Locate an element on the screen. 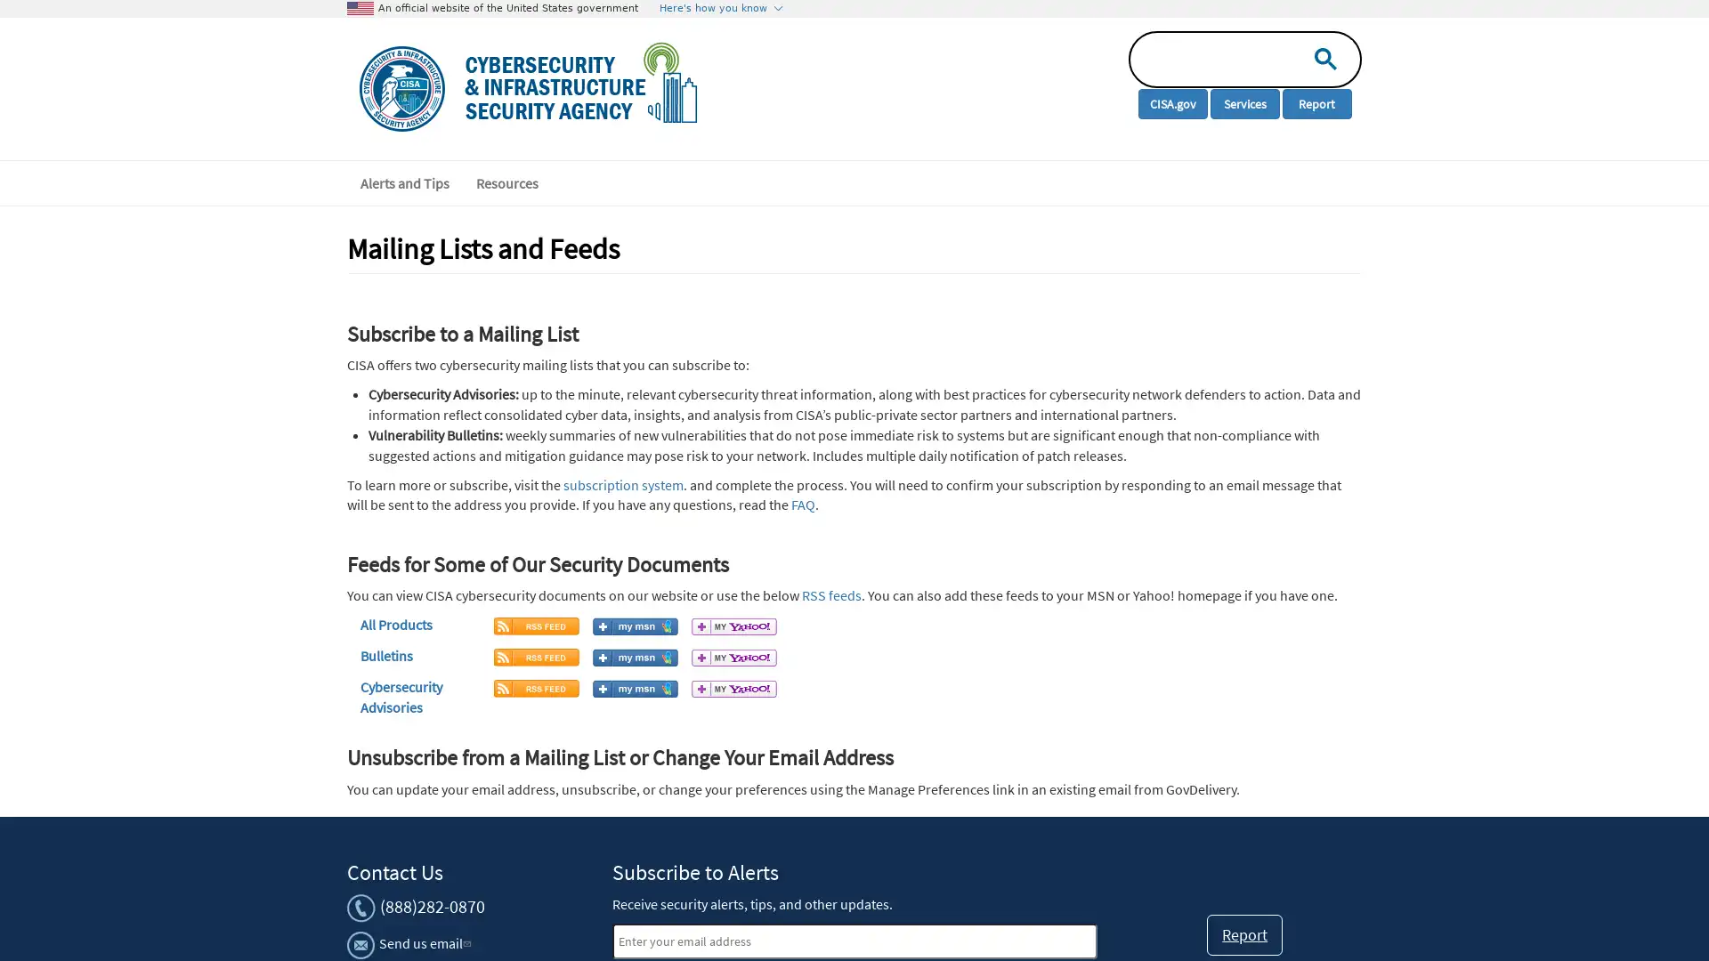 Image resolution: width=1709 pixels, height=961 pixels. search is located at coordinates (1321, 57).